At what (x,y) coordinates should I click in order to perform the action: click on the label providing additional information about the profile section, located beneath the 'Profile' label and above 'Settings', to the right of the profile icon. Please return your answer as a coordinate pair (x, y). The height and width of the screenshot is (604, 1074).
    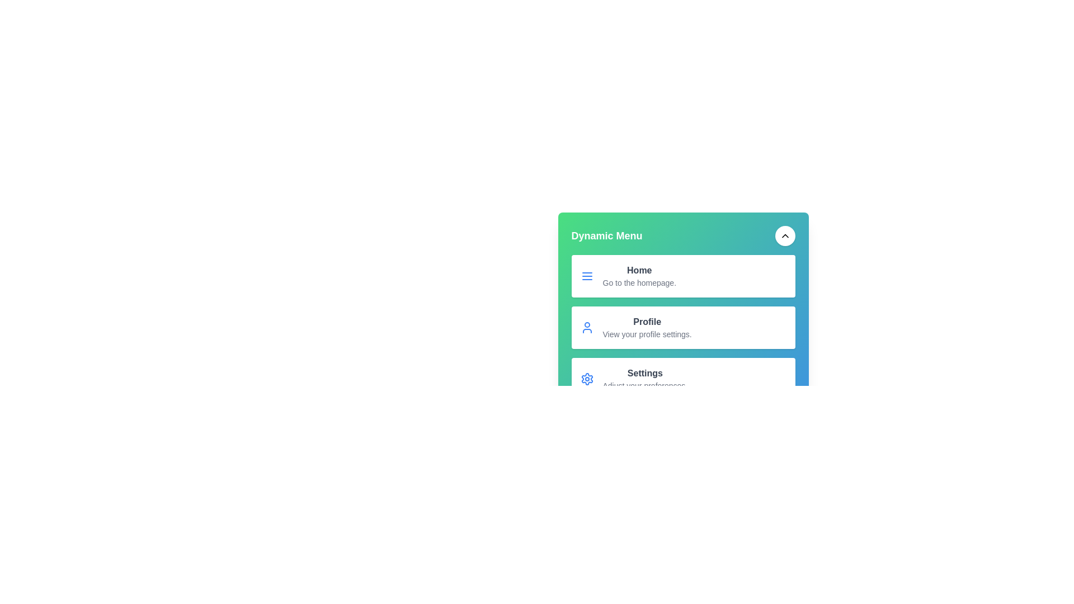
    Looking at the image, I should click on (647, 333).